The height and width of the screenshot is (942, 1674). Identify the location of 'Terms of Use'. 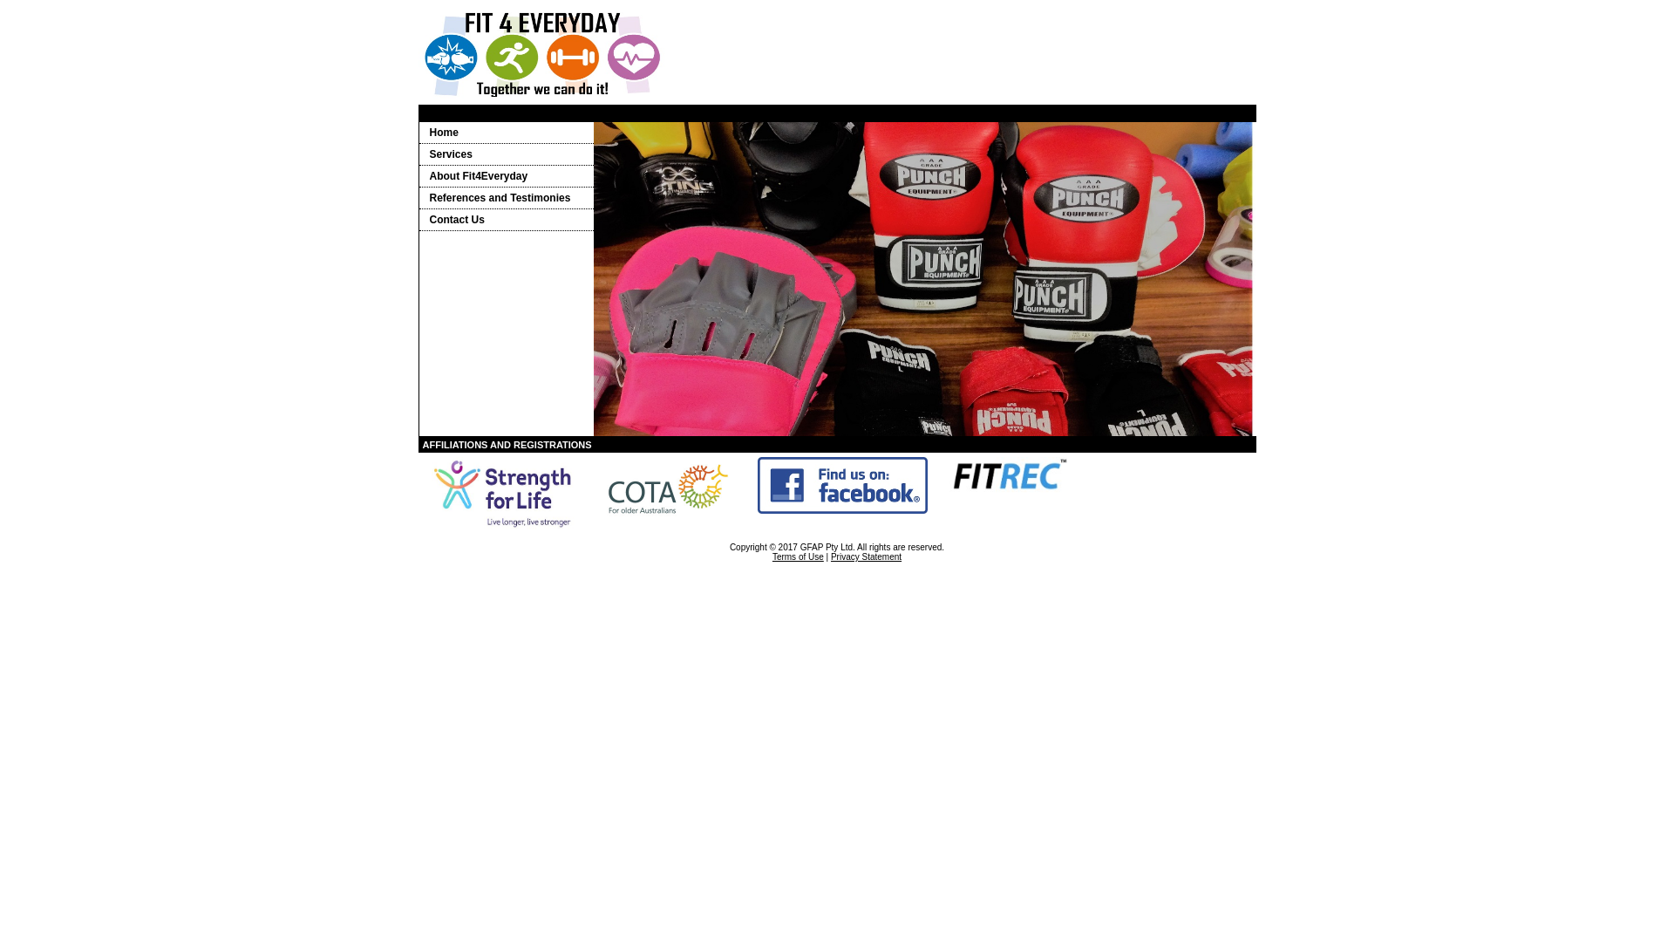
(797, 556).